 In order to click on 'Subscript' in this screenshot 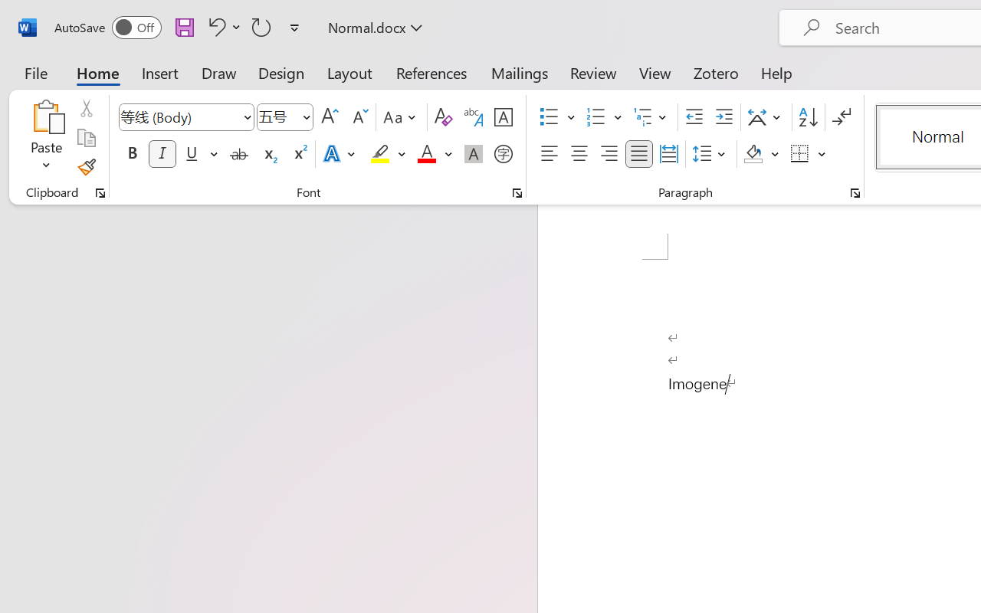, I will do `click(268, 154)`.